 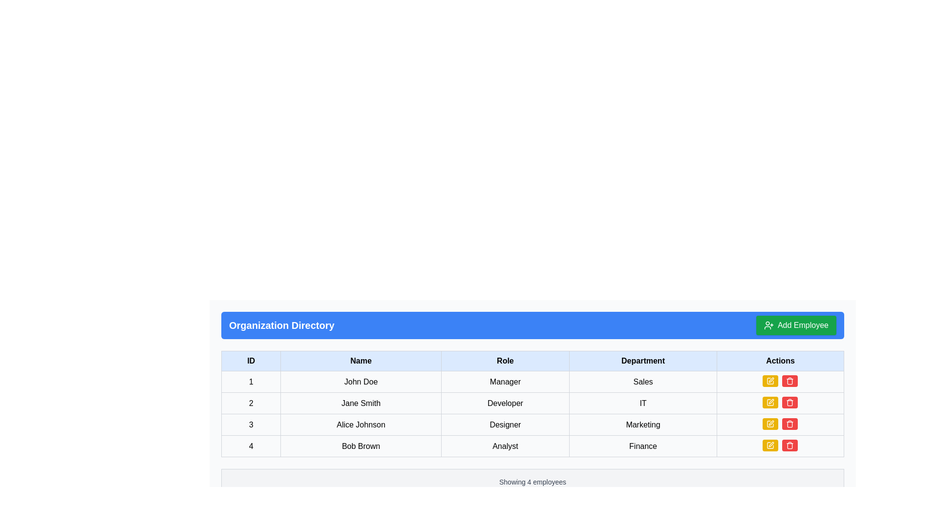 I want to click on the delete icon button located in the Actions column of the fourth row associated with 'Bob Brown', so click(x=790, y=446).